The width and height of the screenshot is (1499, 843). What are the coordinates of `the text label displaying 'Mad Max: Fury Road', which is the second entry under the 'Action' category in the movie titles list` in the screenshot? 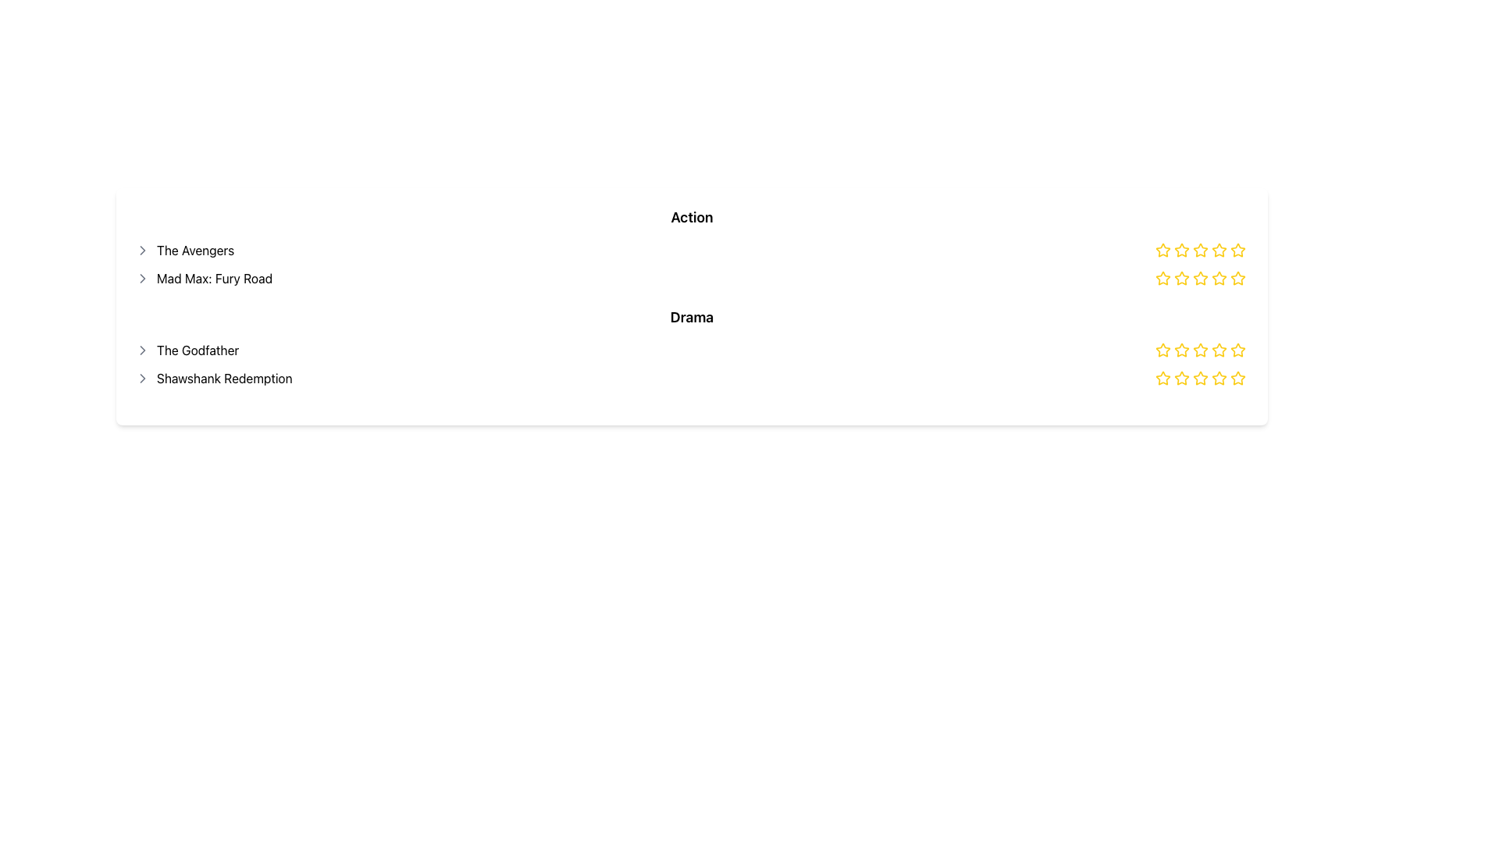 It's located at (214, 278).